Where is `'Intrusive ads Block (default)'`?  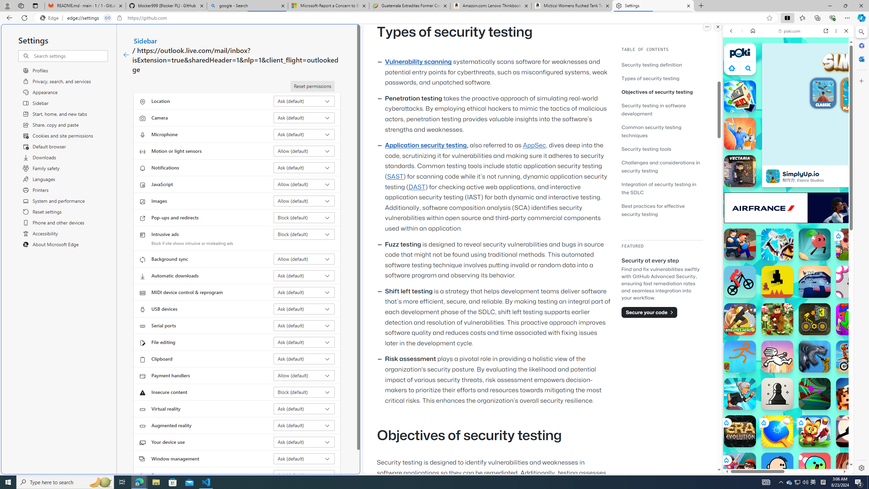 'Intrusive ads Block (default)' is located at coordinates (304, 234).